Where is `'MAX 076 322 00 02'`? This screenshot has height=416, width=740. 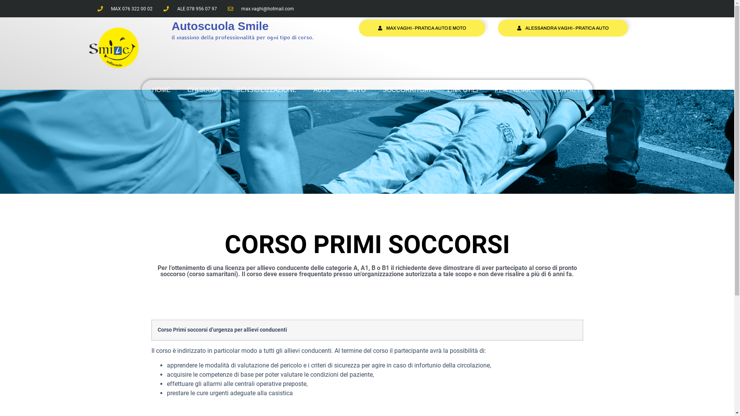 'MAX 076 322 00 02' is located at coordinates (125, 9).